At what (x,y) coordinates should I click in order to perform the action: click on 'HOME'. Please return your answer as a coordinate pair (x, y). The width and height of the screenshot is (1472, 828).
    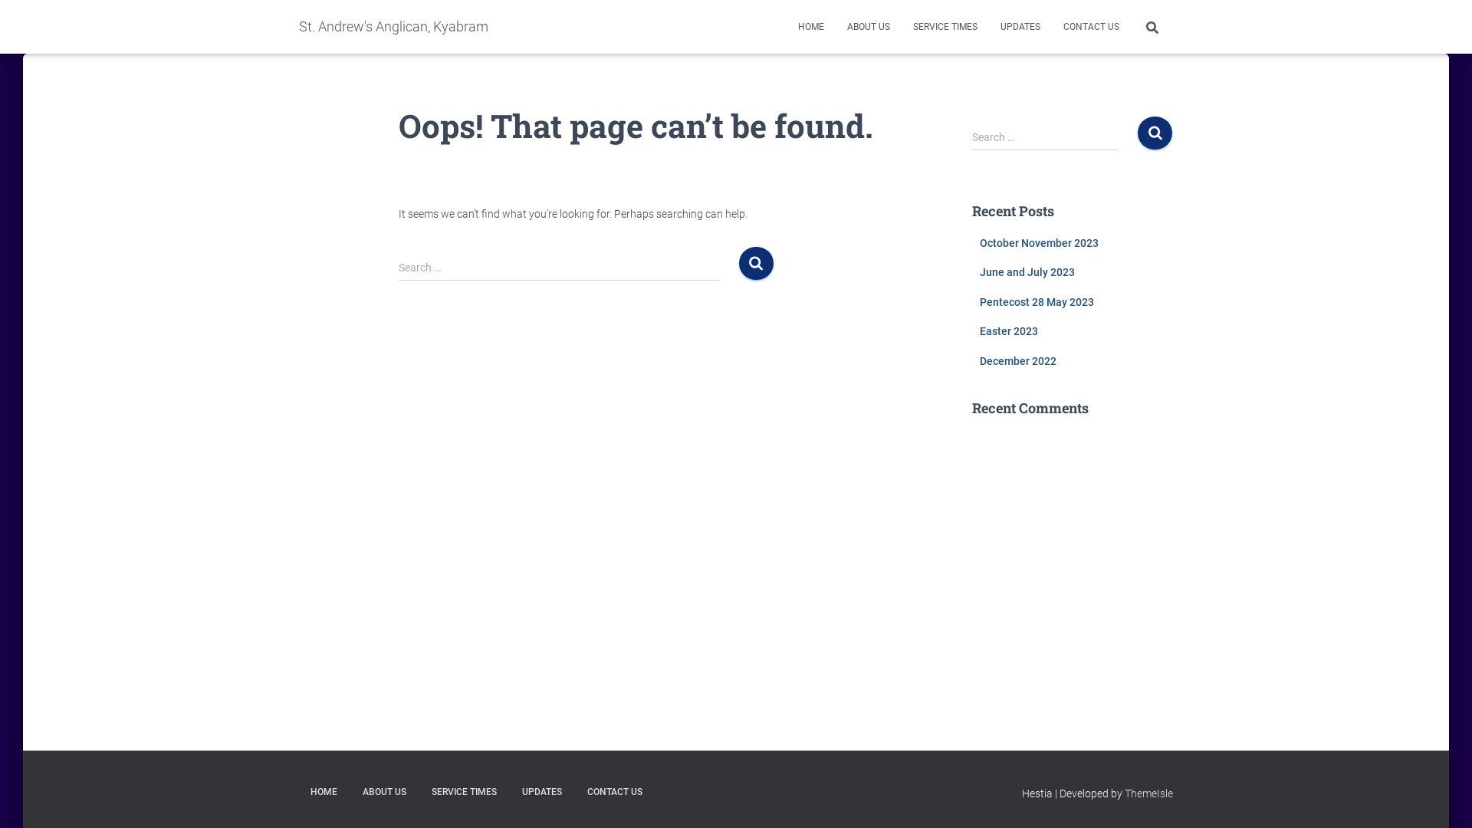
    Looking at the image, I should click on (323, 792).